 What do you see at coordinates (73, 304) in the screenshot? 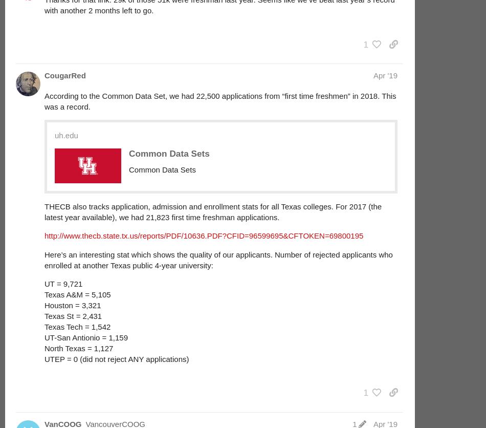
I see `'Houston = 3,321'` at bounding box center [73, 304].